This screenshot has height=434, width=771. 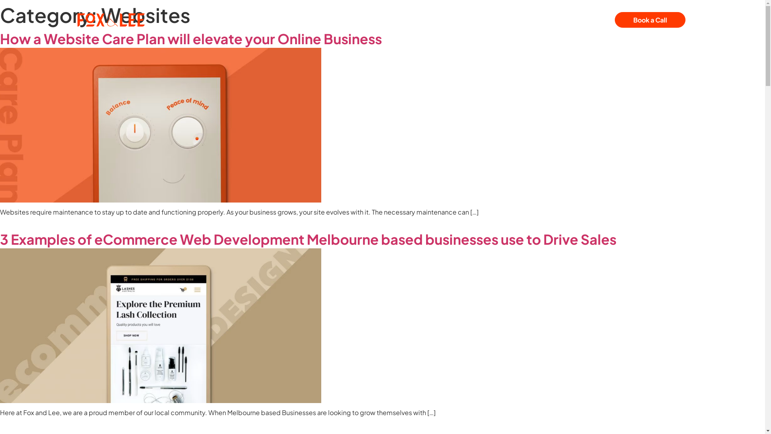 I want to click on 'Book a Call', so click(x=650, y=19).